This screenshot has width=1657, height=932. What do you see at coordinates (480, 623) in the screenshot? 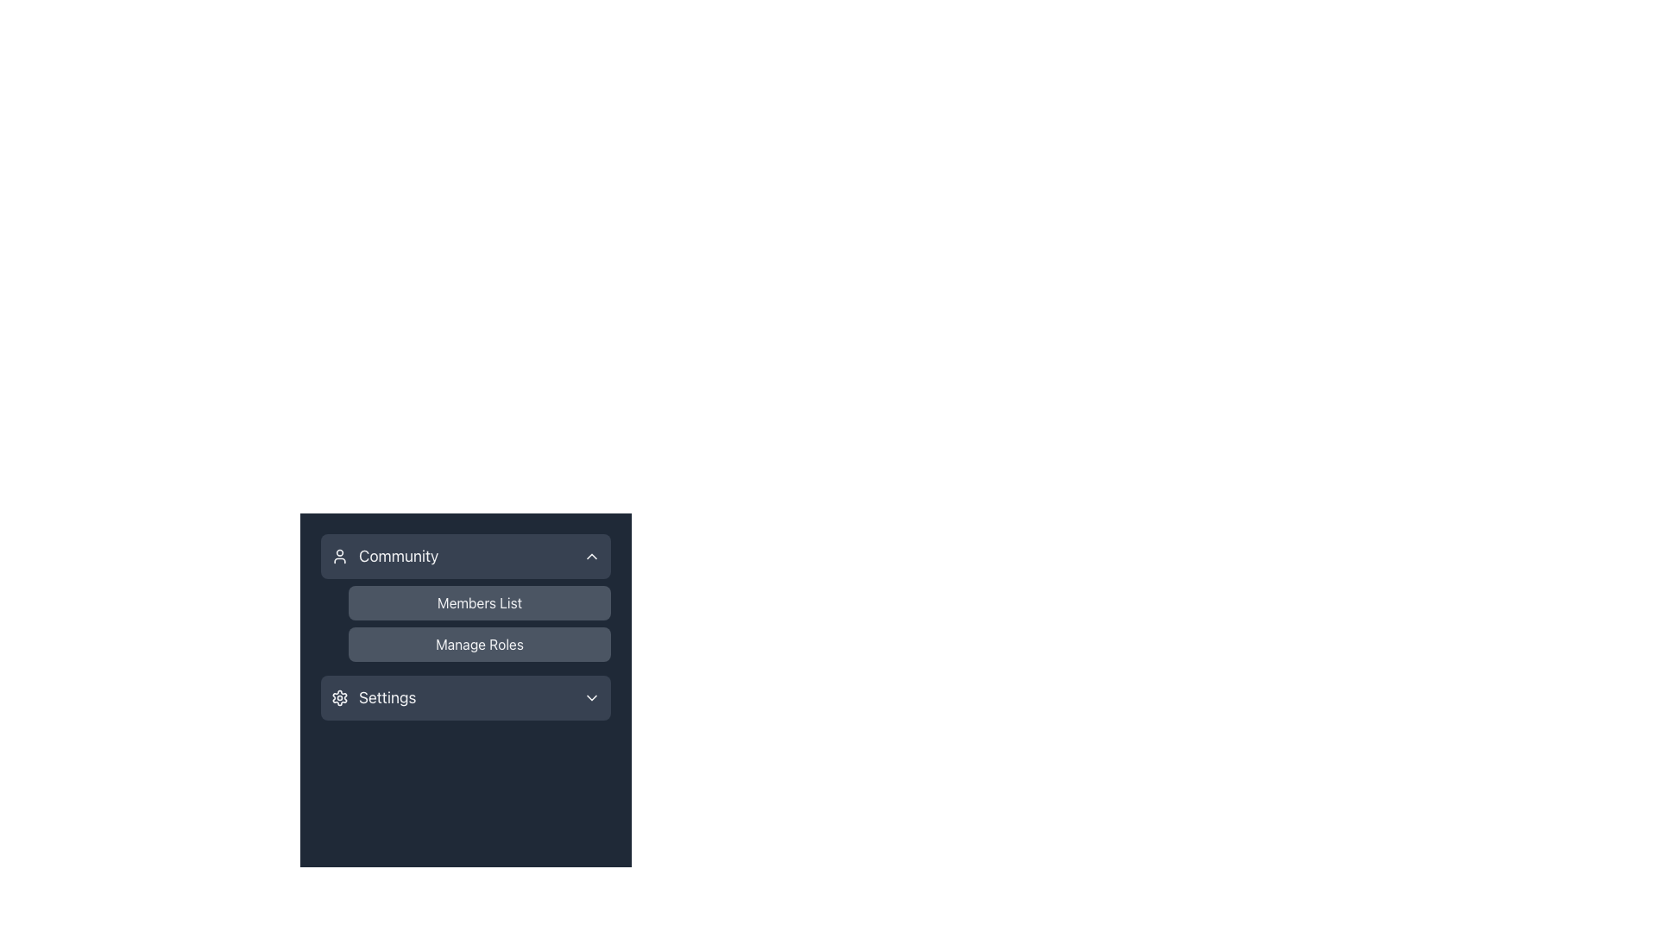
I see `the 'Members List' button in the vertical button group under the 'Community' section` at bounding box center [480, 623].